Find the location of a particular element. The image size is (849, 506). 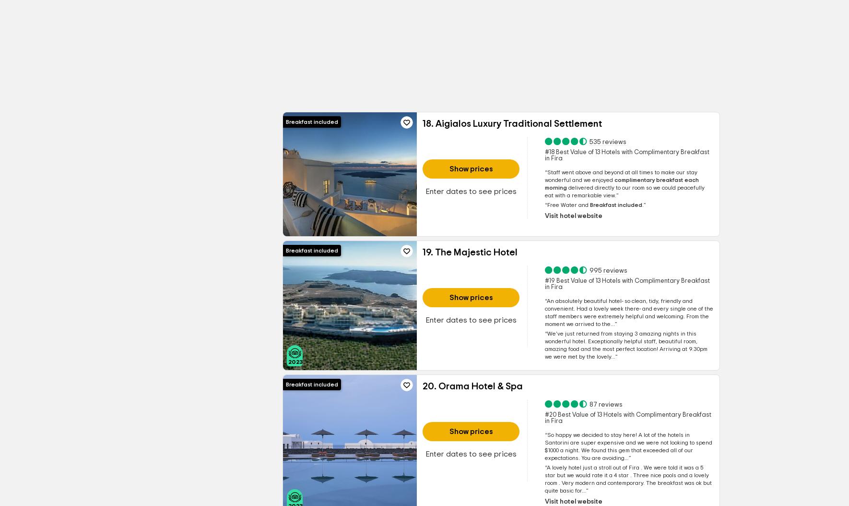

'were told it was a 5 star but we would rate it a 4 star .
Three nice pools and a lovely room . Very modern and contemporary. 
The breakfast was ok but quite basic for…' is located at coordinates (627, 479).